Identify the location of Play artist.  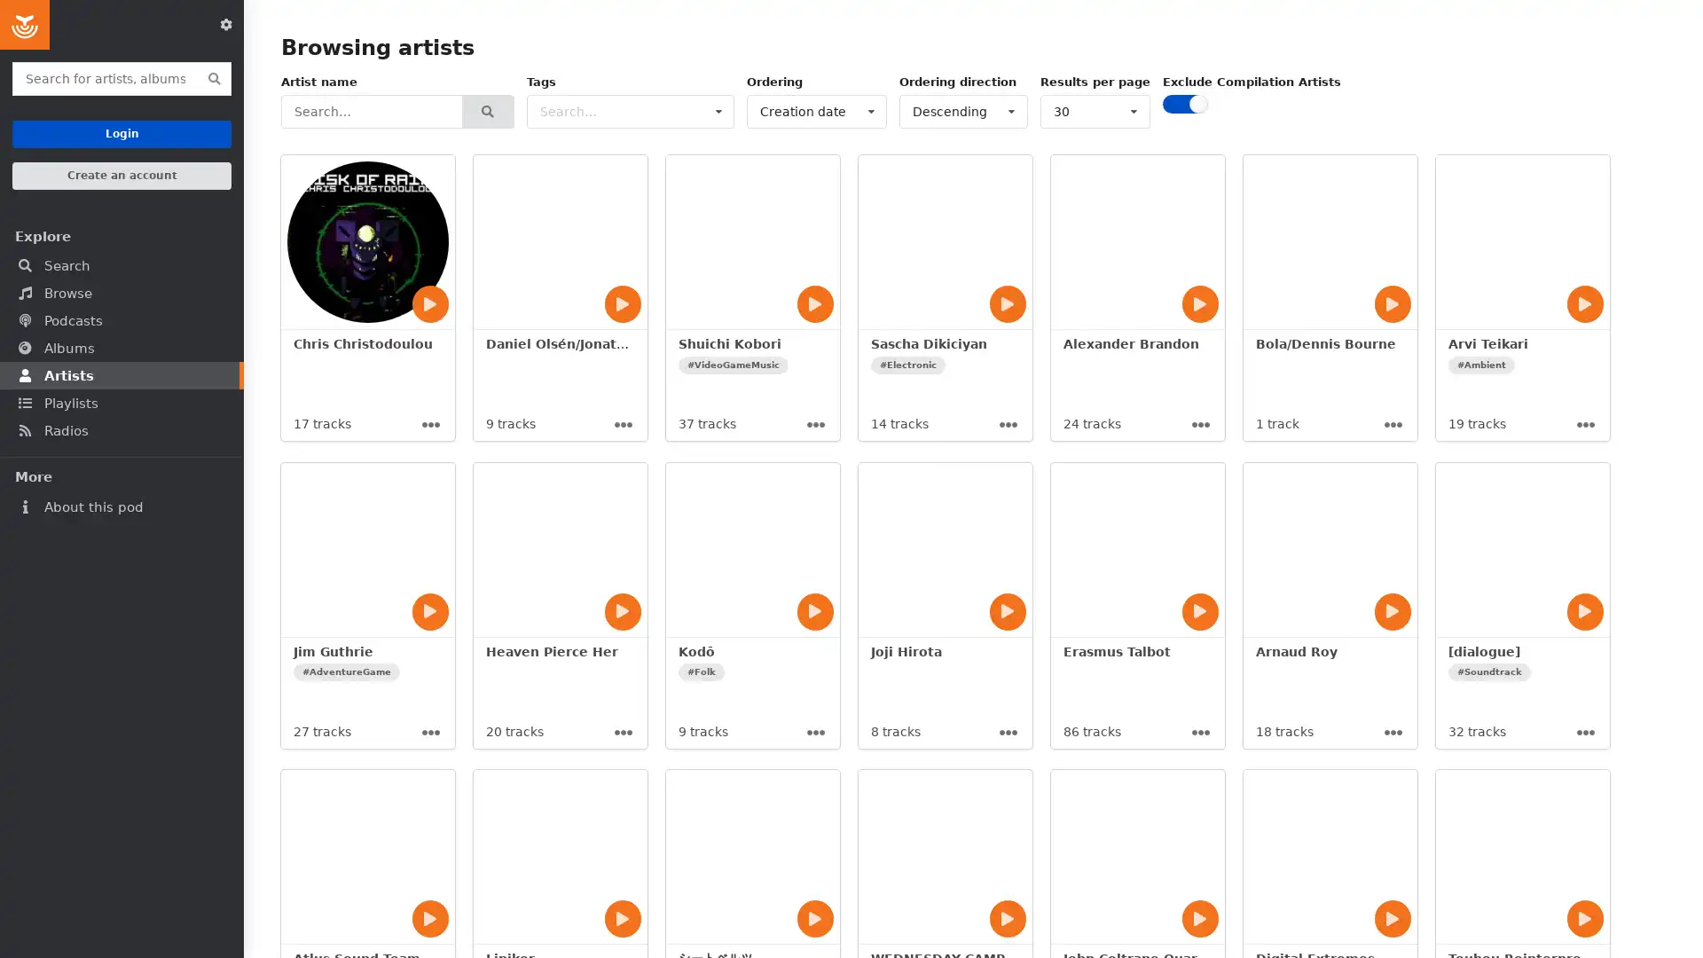
(1391, 918).